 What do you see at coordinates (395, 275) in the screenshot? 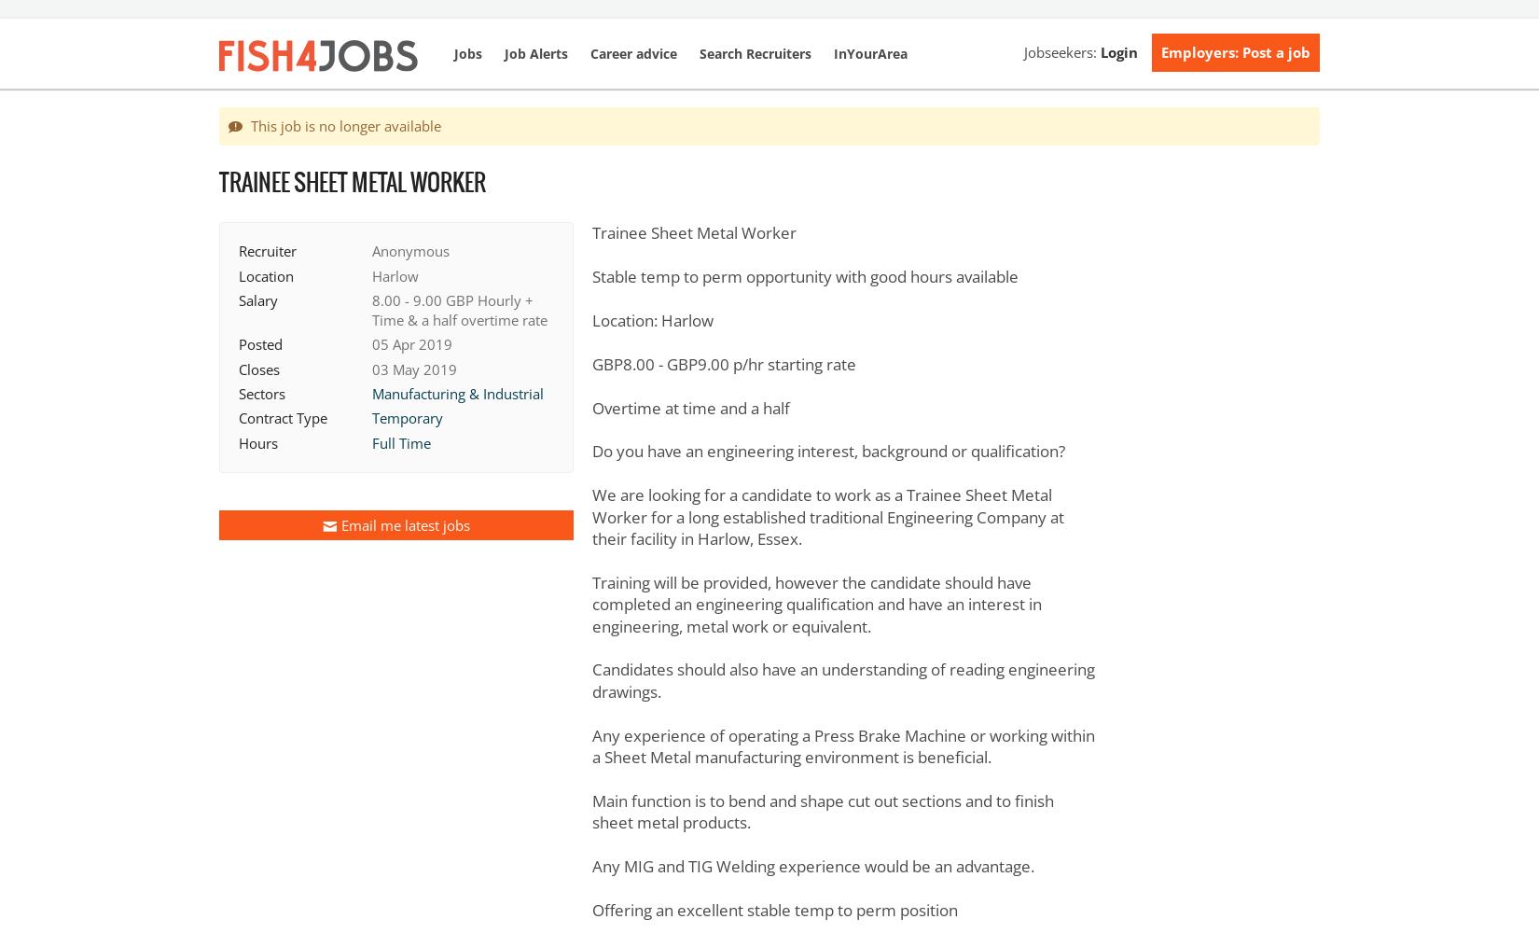
I see `'Harlow'` at bounding box center [395, 275].